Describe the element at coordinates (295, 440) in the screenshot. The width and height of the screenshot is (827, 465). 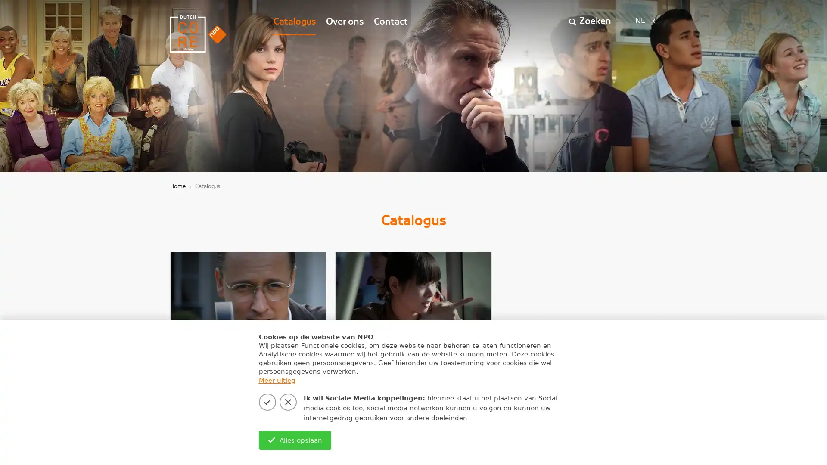
I see `Alles opslaan` at that location.